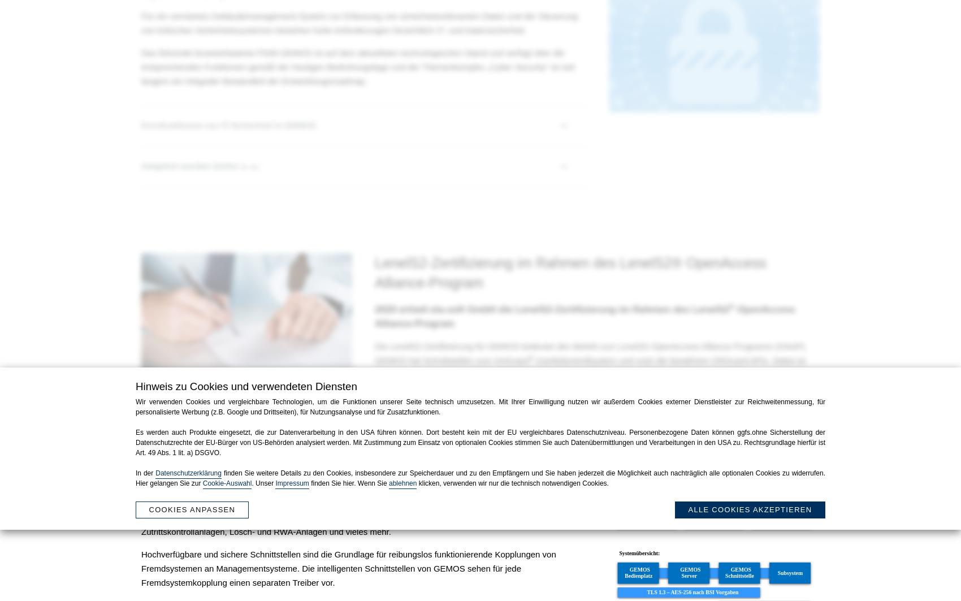  What do you see at coordinates (191, 508) in the screenshot?
I see `'Cookies anpassen'` at bounding box center [191, 508].